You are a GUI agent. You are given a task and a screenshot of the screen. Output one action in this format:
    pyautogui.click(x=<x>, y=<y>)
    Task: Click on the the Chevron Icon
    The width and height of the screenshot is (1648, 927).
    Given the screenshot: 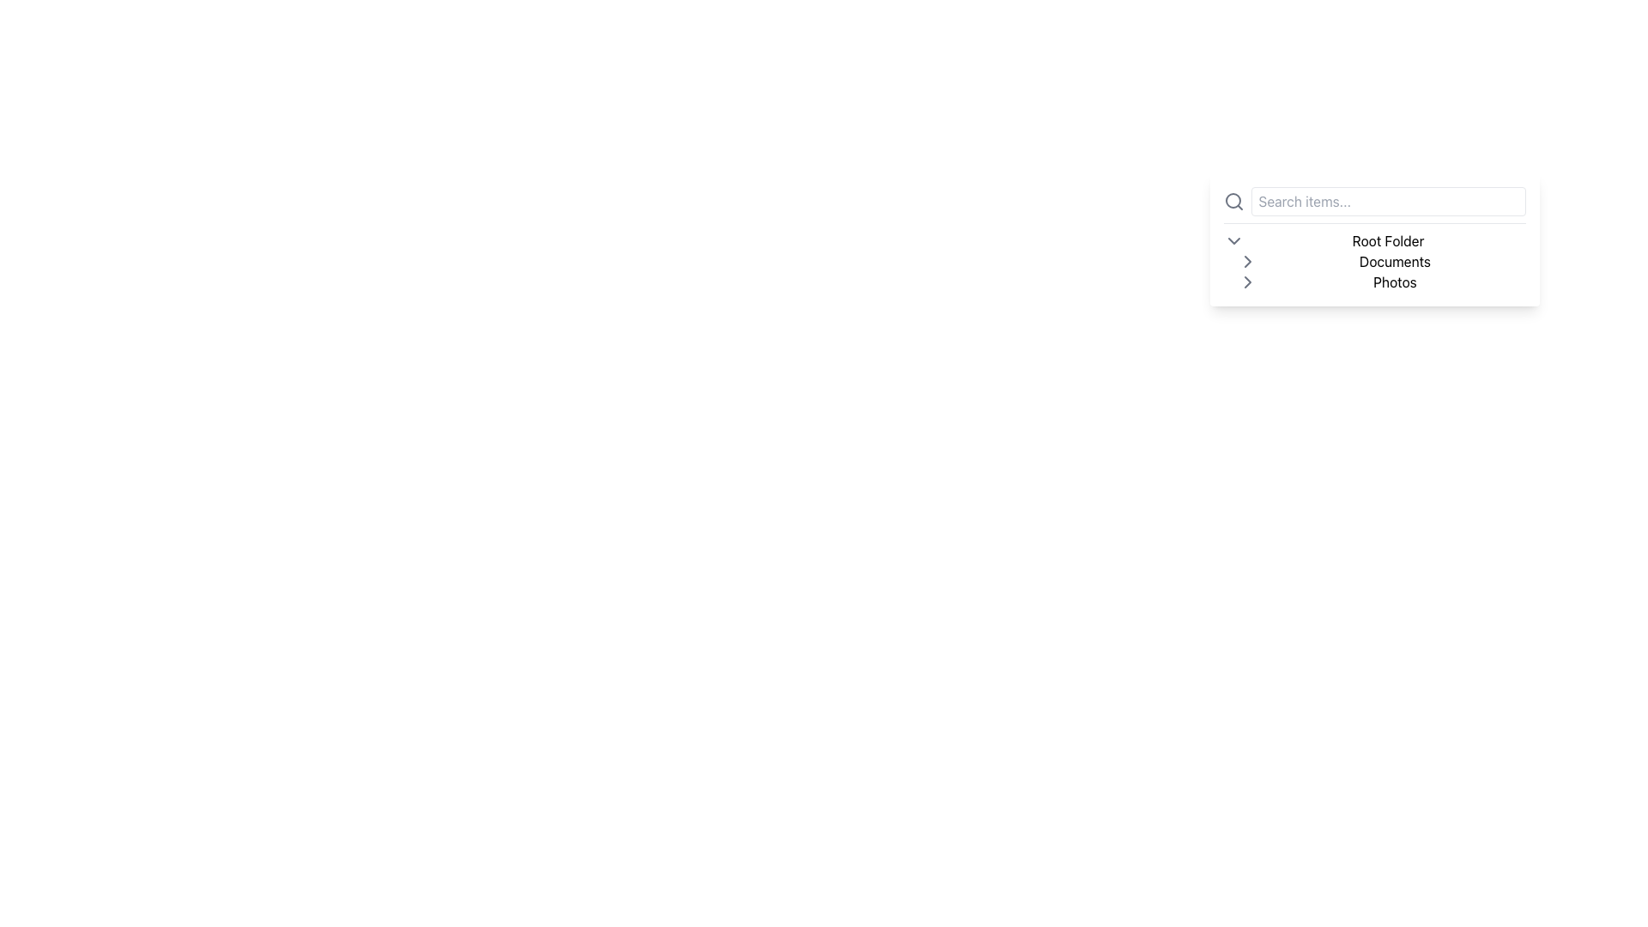 What is the action you would take?
    pyautogui.click(x=1247, y=281)
    